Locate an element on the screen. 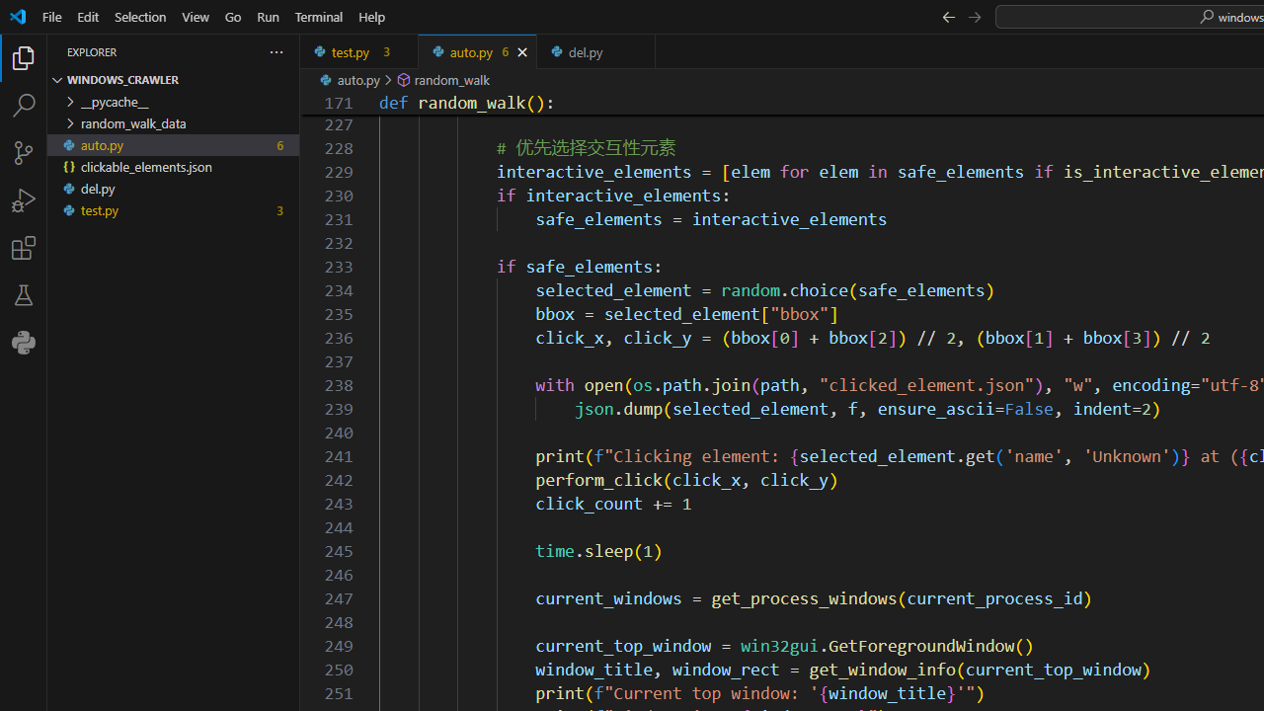  'Views and More Actions...' is located at coordinates (275, 50).